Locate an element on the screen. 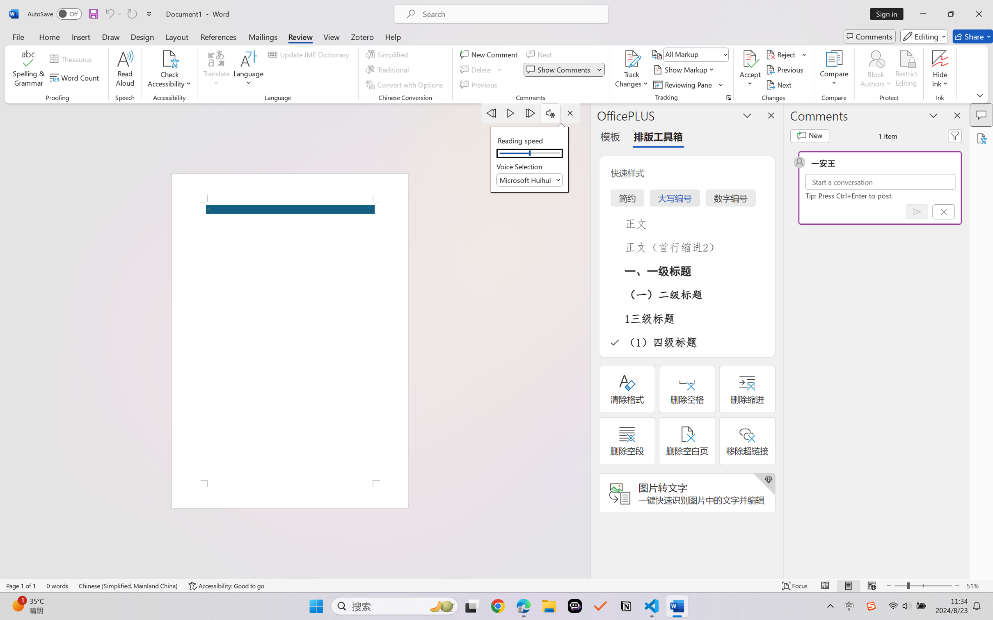 Image resolution: width=993 pixels, height=620 pixels. 'Reviewing Pane' is located at coordinates (683, 85).